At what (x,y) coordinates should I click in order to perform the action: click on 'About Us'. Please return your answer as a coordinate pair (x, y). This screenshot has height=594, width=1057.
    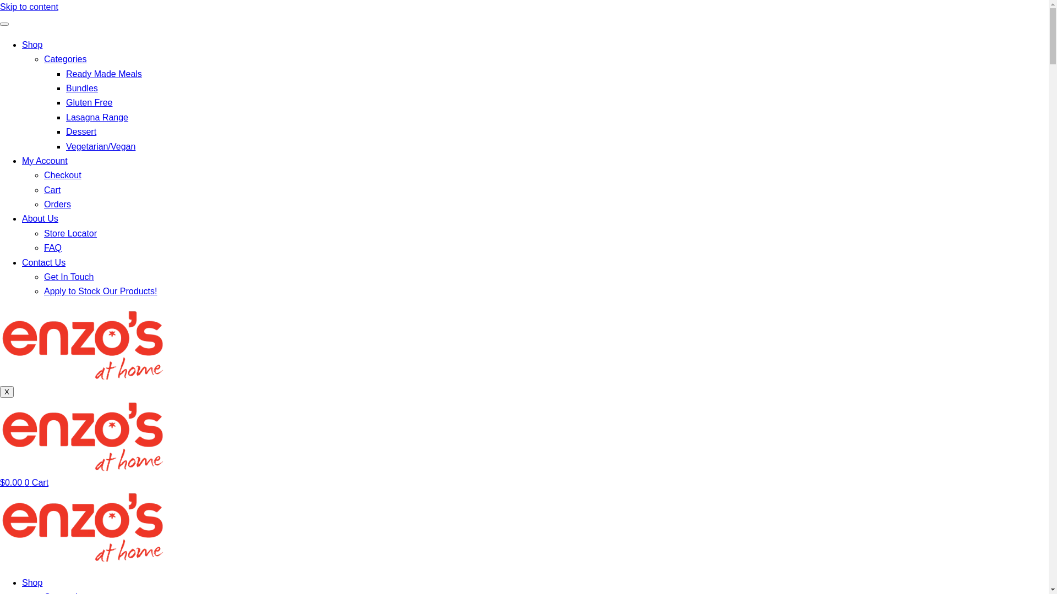
    Looking at the image, I should click on (40, 218).